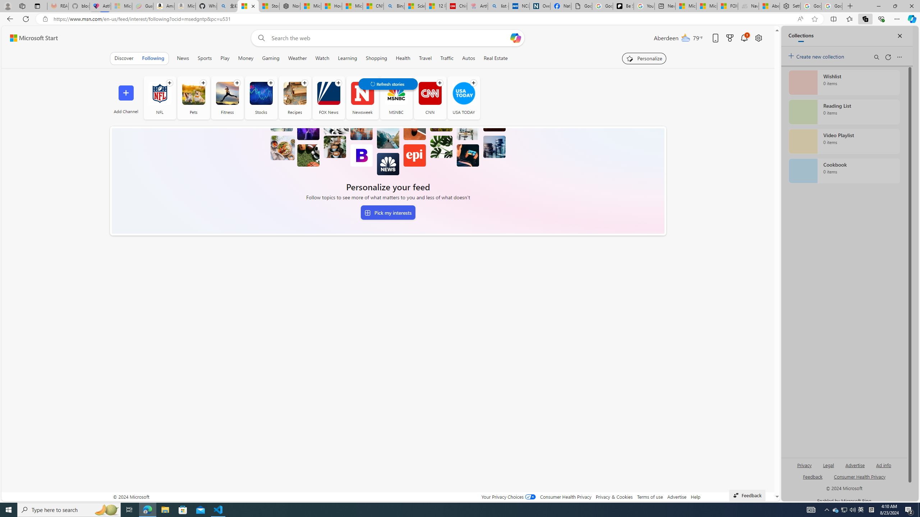 This screenshot has height=517, width=920. I want to click on 'Health', so click(403, 58).